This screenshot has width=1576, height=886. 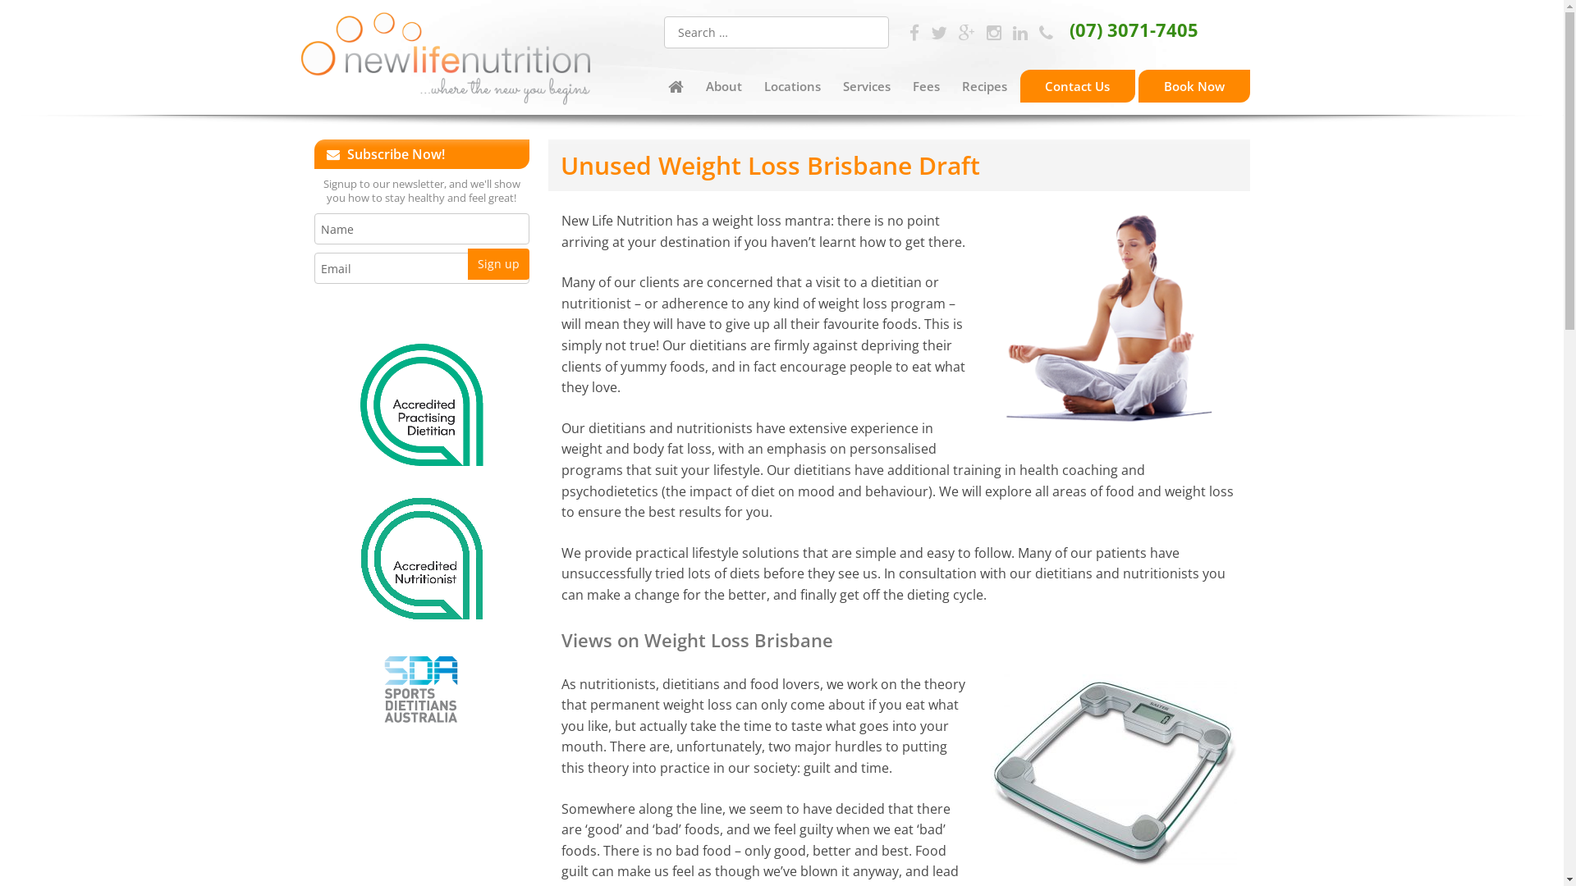 I want to click on 'About', so click(x=722, y=85).